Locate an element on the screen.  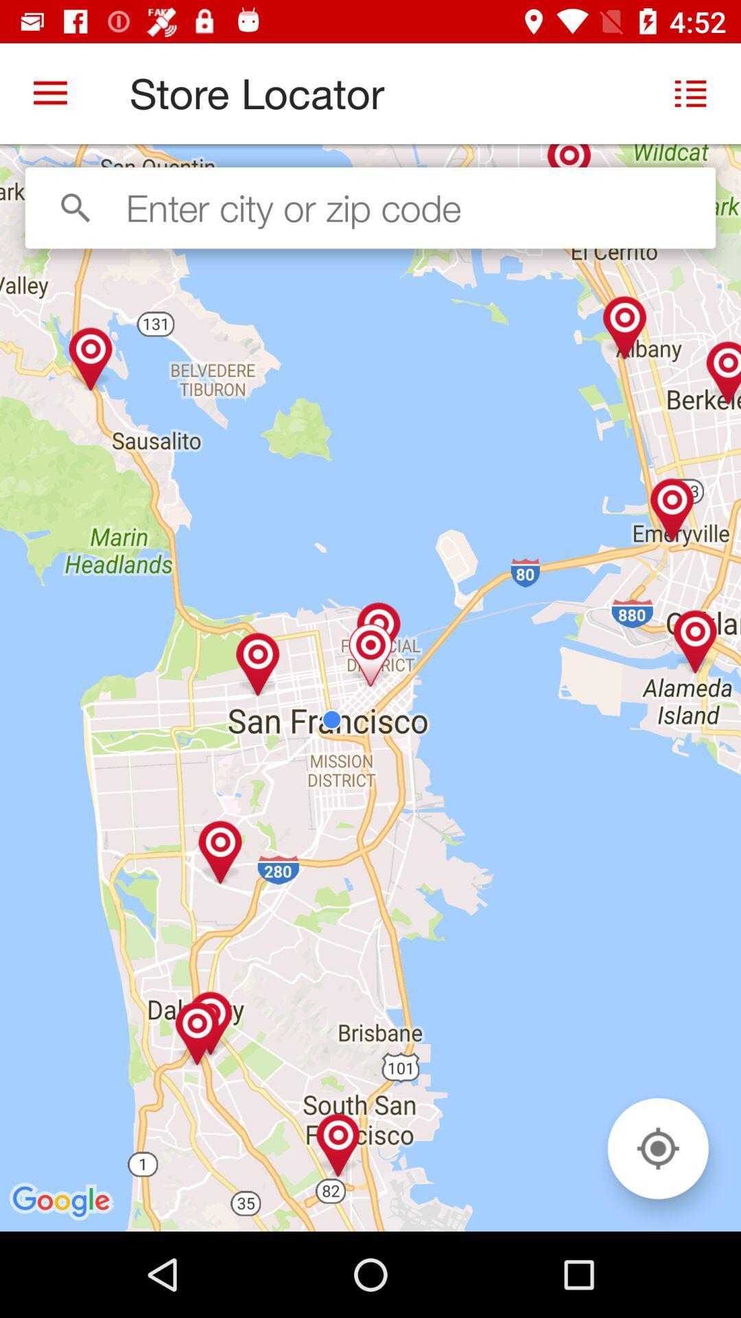
icon to the left of store locator is located at coordinates (49, 93).